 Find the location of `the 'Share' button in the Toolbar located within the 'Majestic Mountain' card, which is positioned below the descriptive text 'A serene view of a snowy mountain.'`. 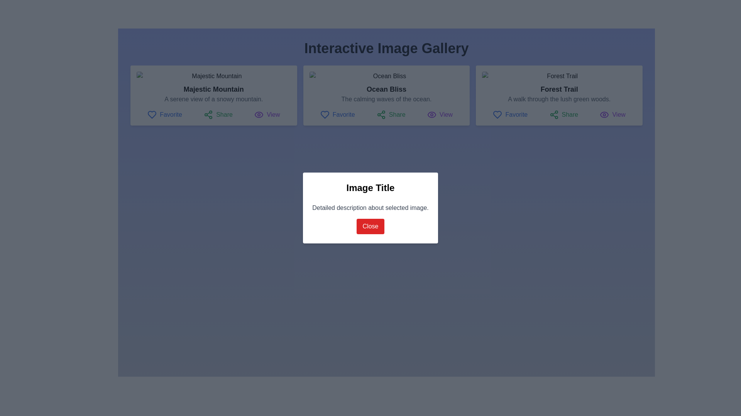

the 'Share' button in the Toolbar located within the 'Majestic Mountain' card, which is positioned below the descriptive text 'A serene view of a snowy mountain.' is located at coordinates (213, 114).